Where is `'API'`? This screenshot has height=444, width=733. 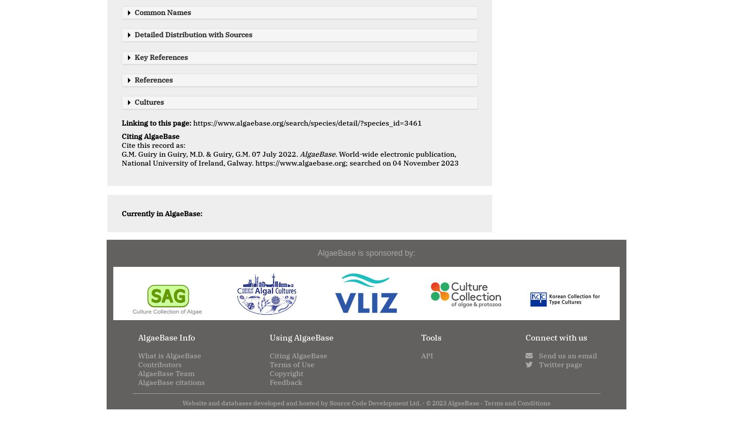 'API' is located at coordinates (421, 355).